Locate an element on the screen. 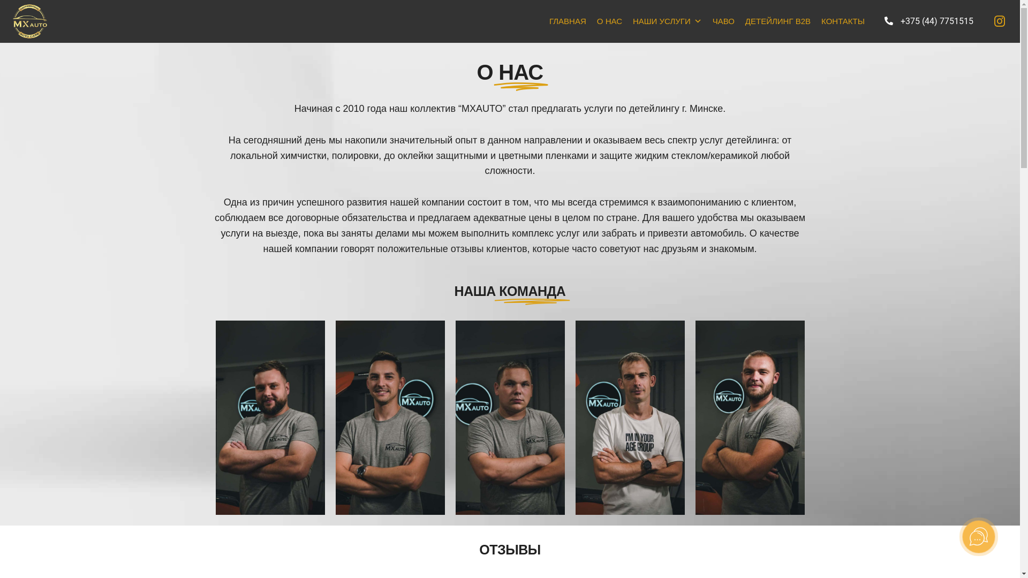  '+375 (44) 7751515' is located at coordinates (928, 21).